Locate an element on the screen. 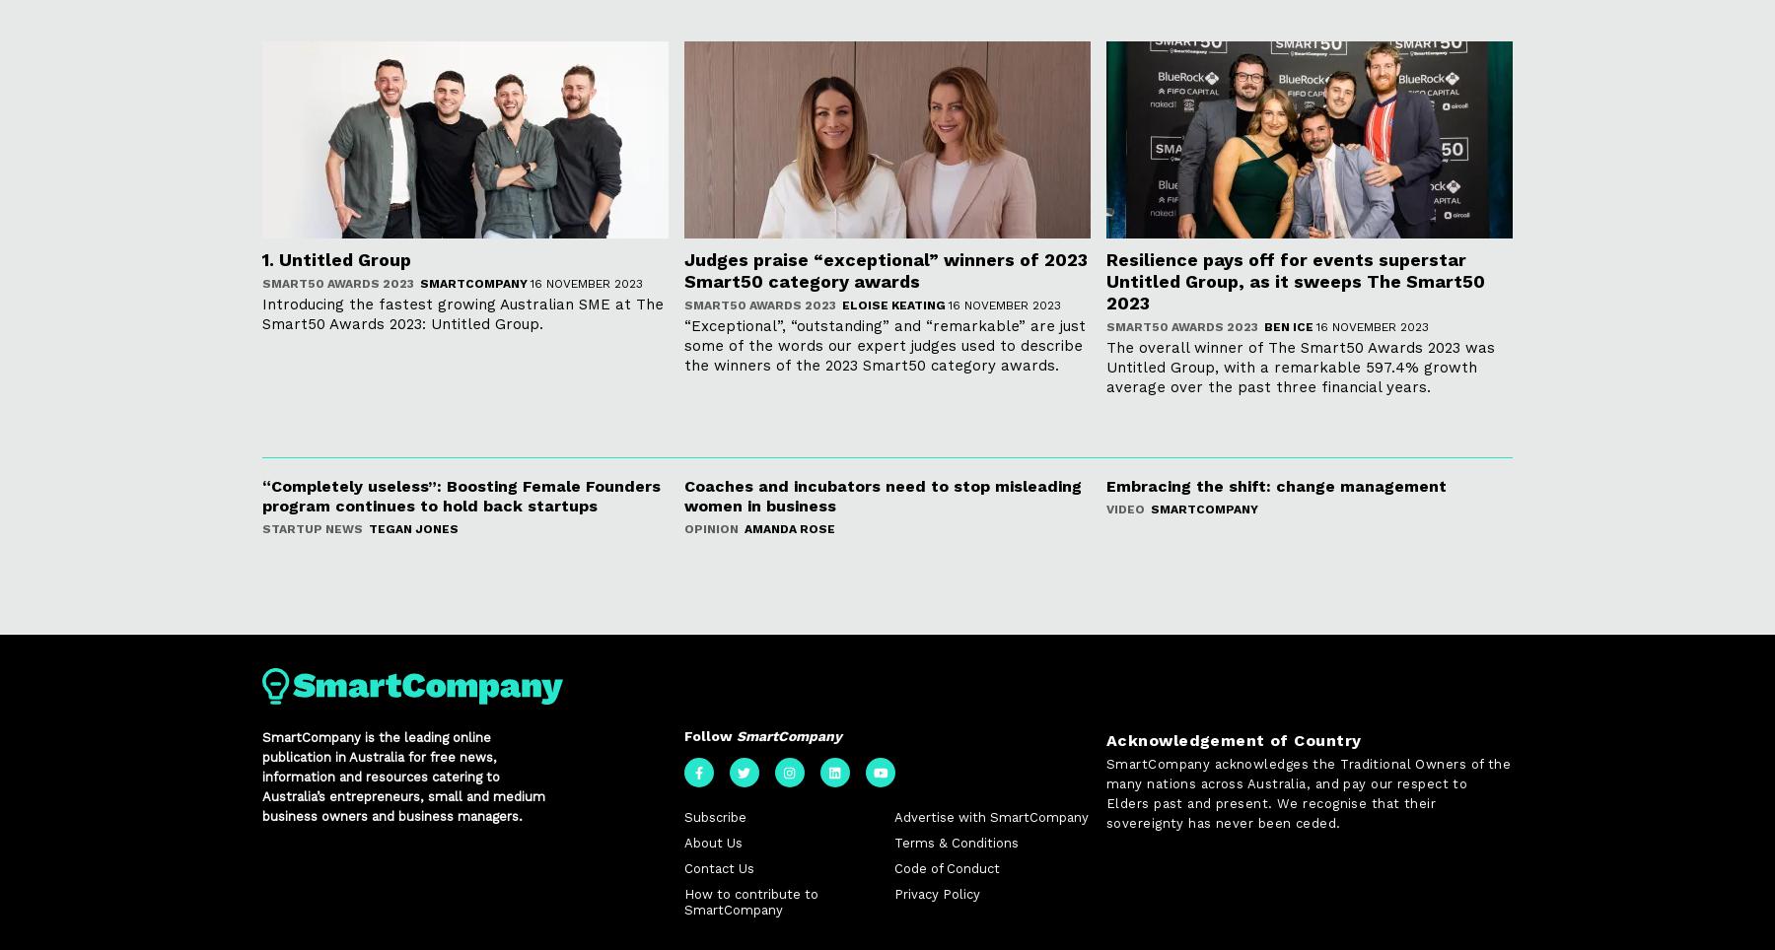 The image size is (1775, 950). 'SmartCompany acknowledges the Traditional Owners of the many nations across Australia, and pay our respect to Elders past and present. We recognise that their sovereignty has never been ceded.' is located at coordinates (1308, 793).